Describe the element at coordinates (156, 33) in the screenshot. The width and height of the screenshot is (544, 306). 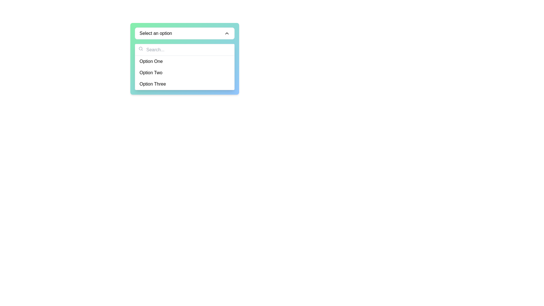
I see `the text label displaying 'Select an option' positioned within the dropdown component` at that location.